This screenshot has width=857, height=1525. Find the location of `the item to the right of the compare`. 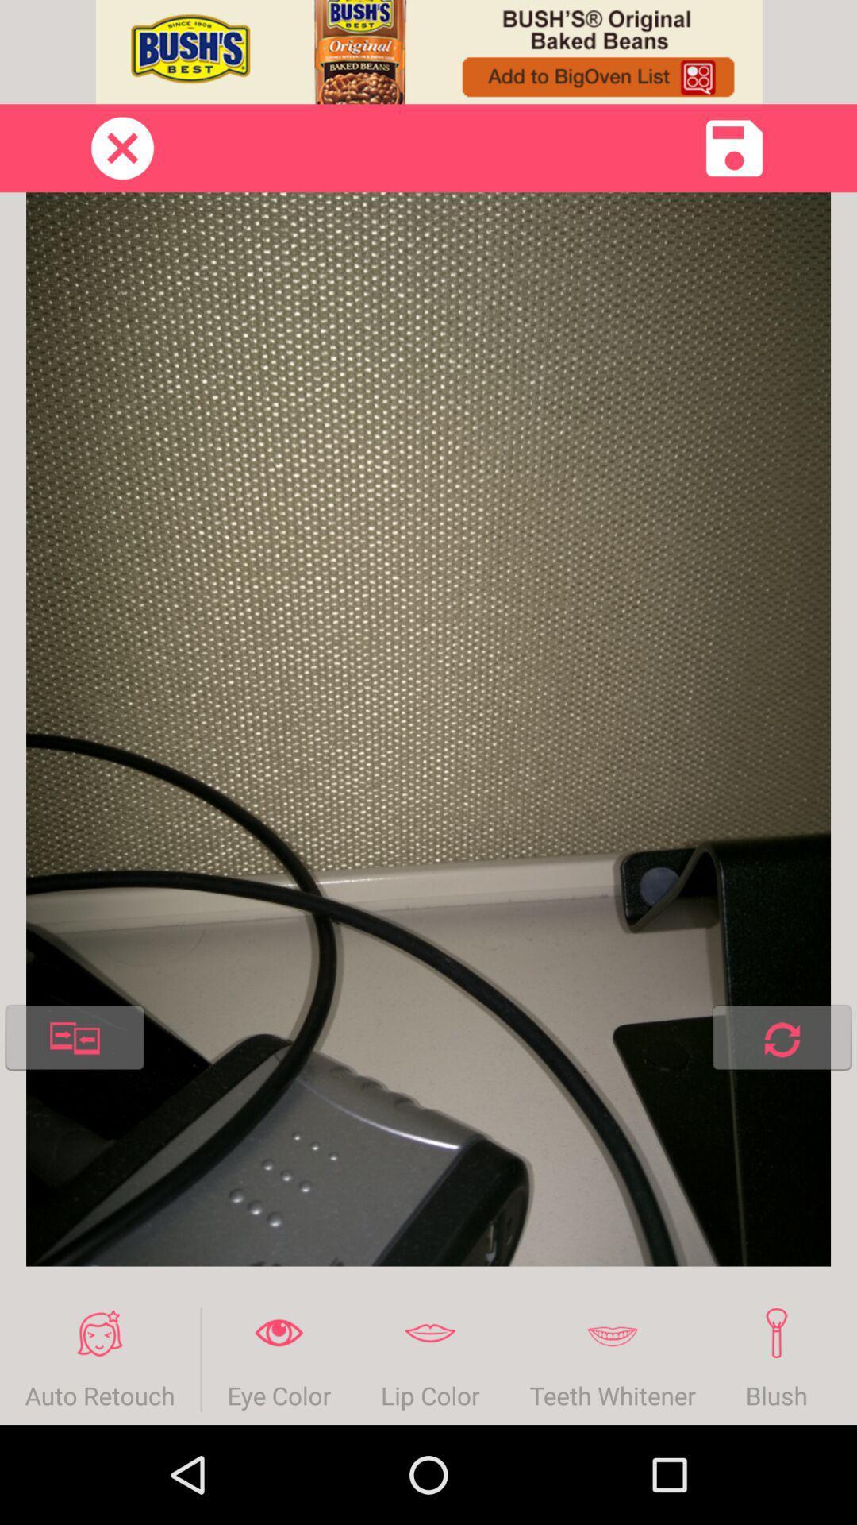

the item to the right of the compare is located at coordinates (781, 1040).